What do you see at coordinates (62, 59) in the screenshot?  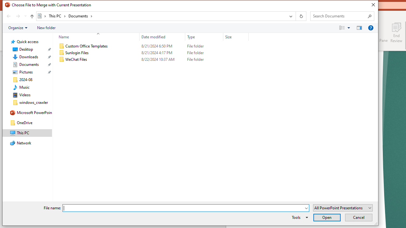 I see `'Class: UIImage'` at bounding box center [62, 59].